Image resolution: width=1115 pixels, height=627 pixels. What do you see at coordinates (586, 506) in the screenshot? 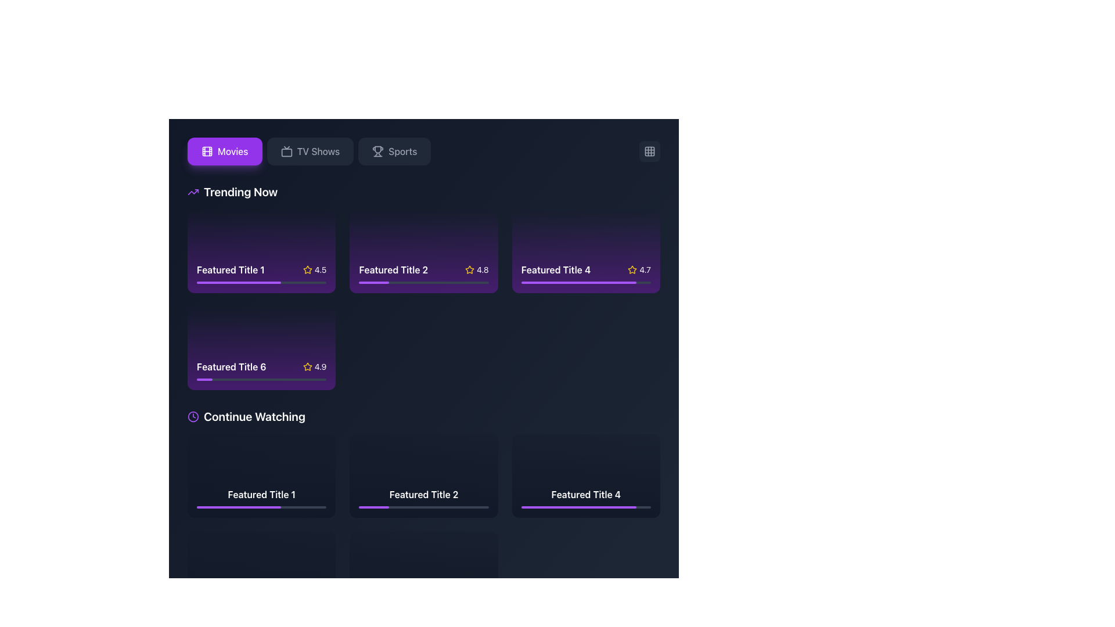
I see `the progress bar beneath the text 'Featured Title 4', which has a gray background and a purple progress indicator covering 89% of its width` at bounding box center [586, 506].